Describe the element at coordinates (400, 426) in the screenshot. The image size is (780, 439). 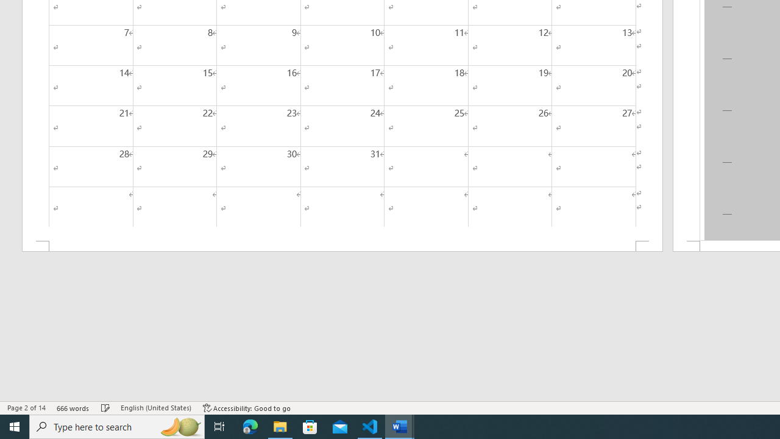
I see `'Word - 2 running windows'` at that location.